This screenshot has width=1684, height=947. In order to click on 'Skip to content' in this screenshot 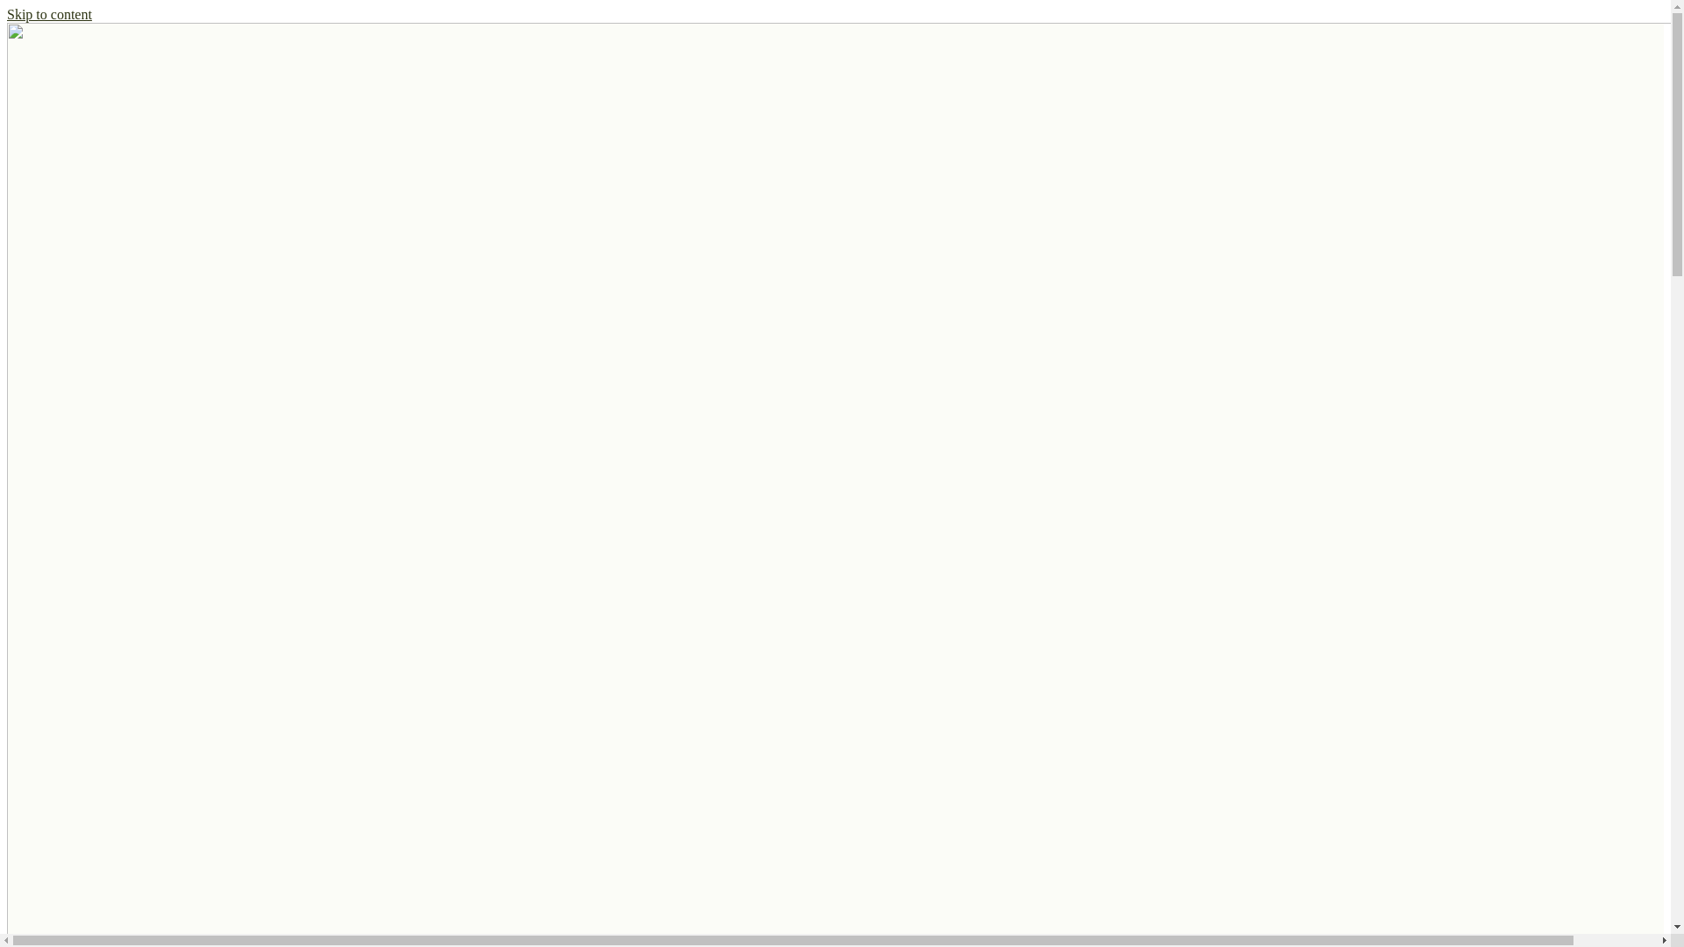, I will do `click(49, 14)`.